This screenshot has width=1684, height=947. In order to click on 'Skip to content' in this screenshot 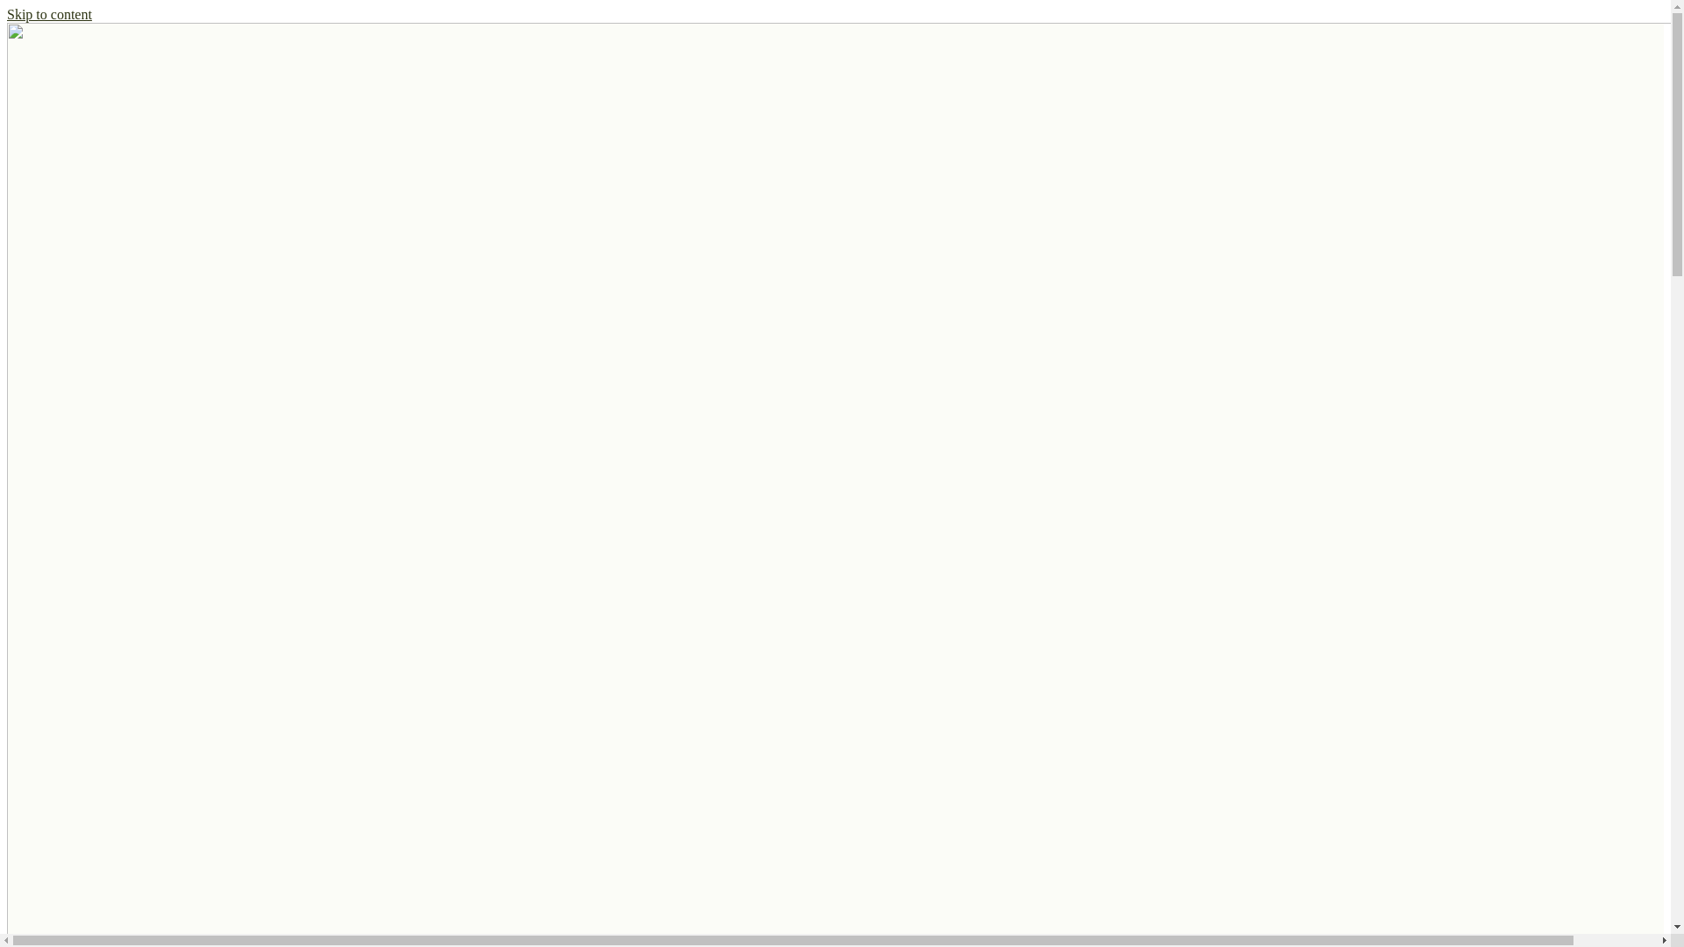, I will do `click(49, 14)`.